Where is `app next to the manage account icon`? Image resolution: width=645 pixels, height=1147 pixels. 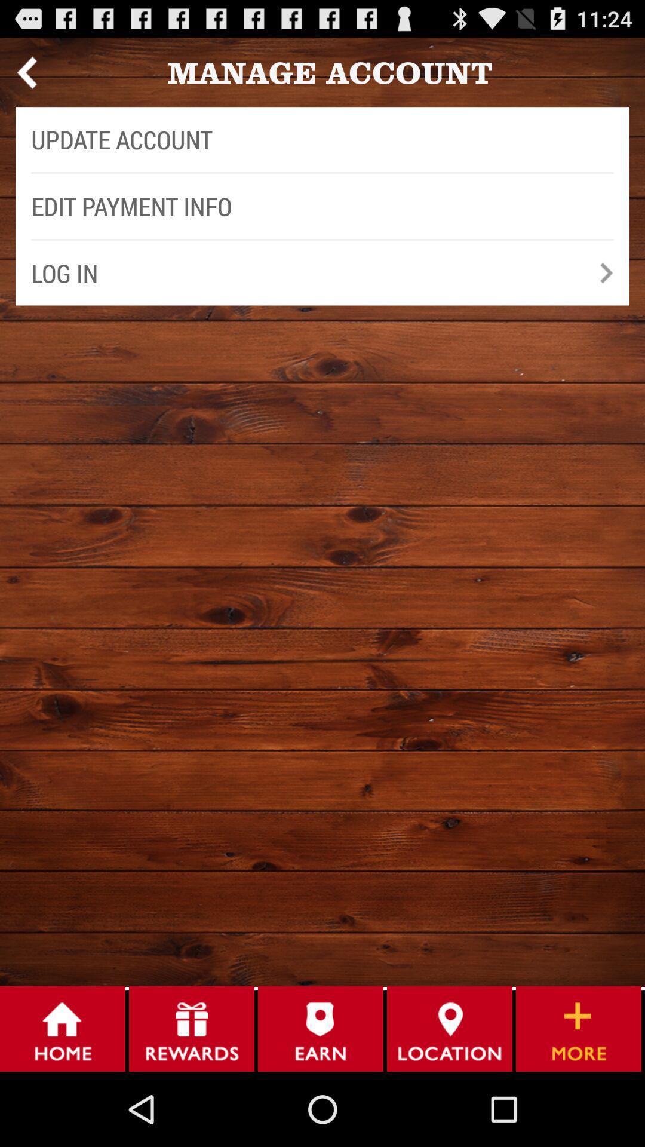 app next to the manage account icon is located at coordinates (26, 72).